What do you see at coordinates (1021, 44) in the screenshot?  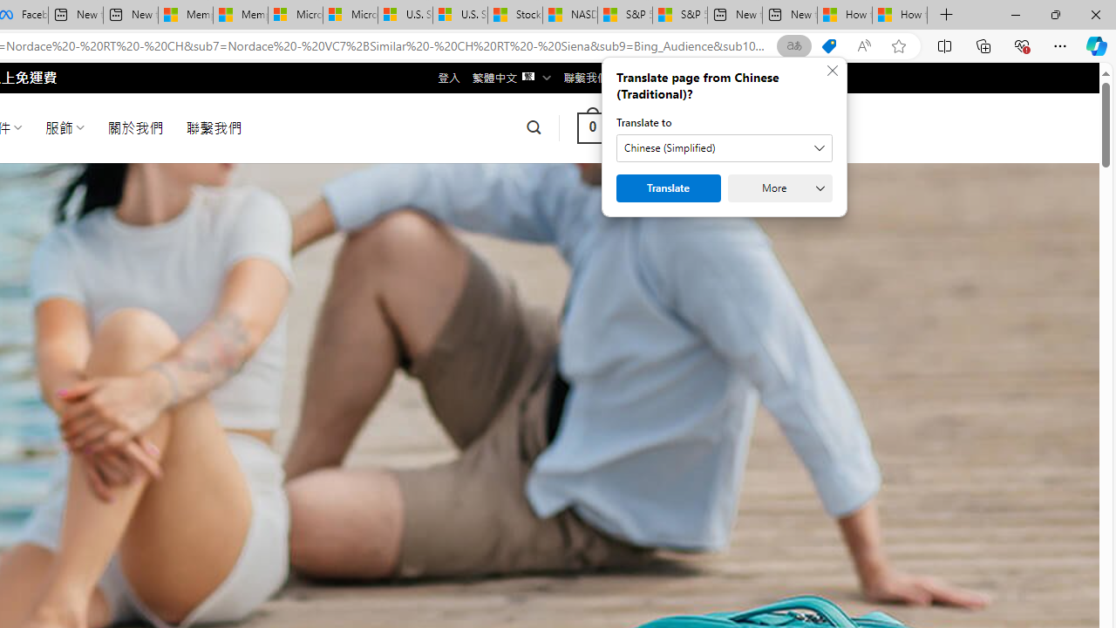 I see `'Browser essentials'` at bounding box center [1021, 44].